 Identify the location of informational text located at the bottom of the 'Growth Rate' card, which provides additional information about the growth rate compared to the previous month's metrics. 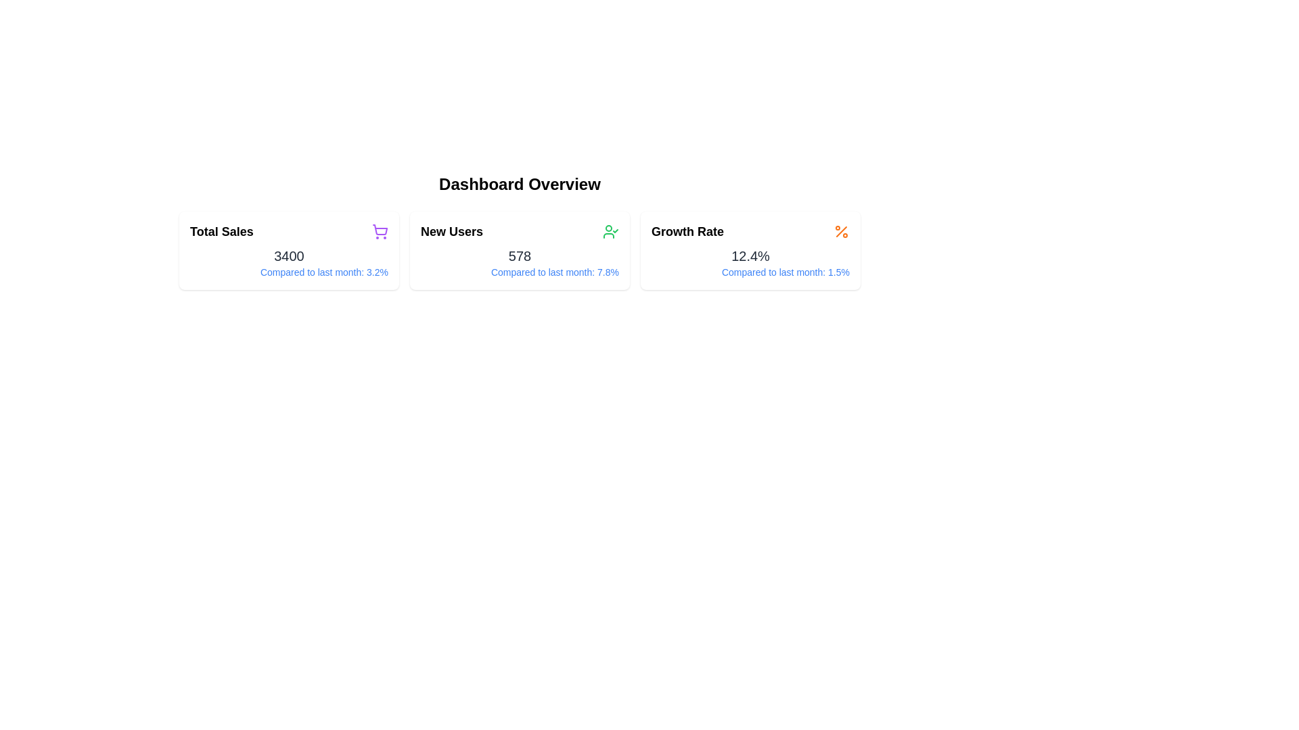
(750, 272).